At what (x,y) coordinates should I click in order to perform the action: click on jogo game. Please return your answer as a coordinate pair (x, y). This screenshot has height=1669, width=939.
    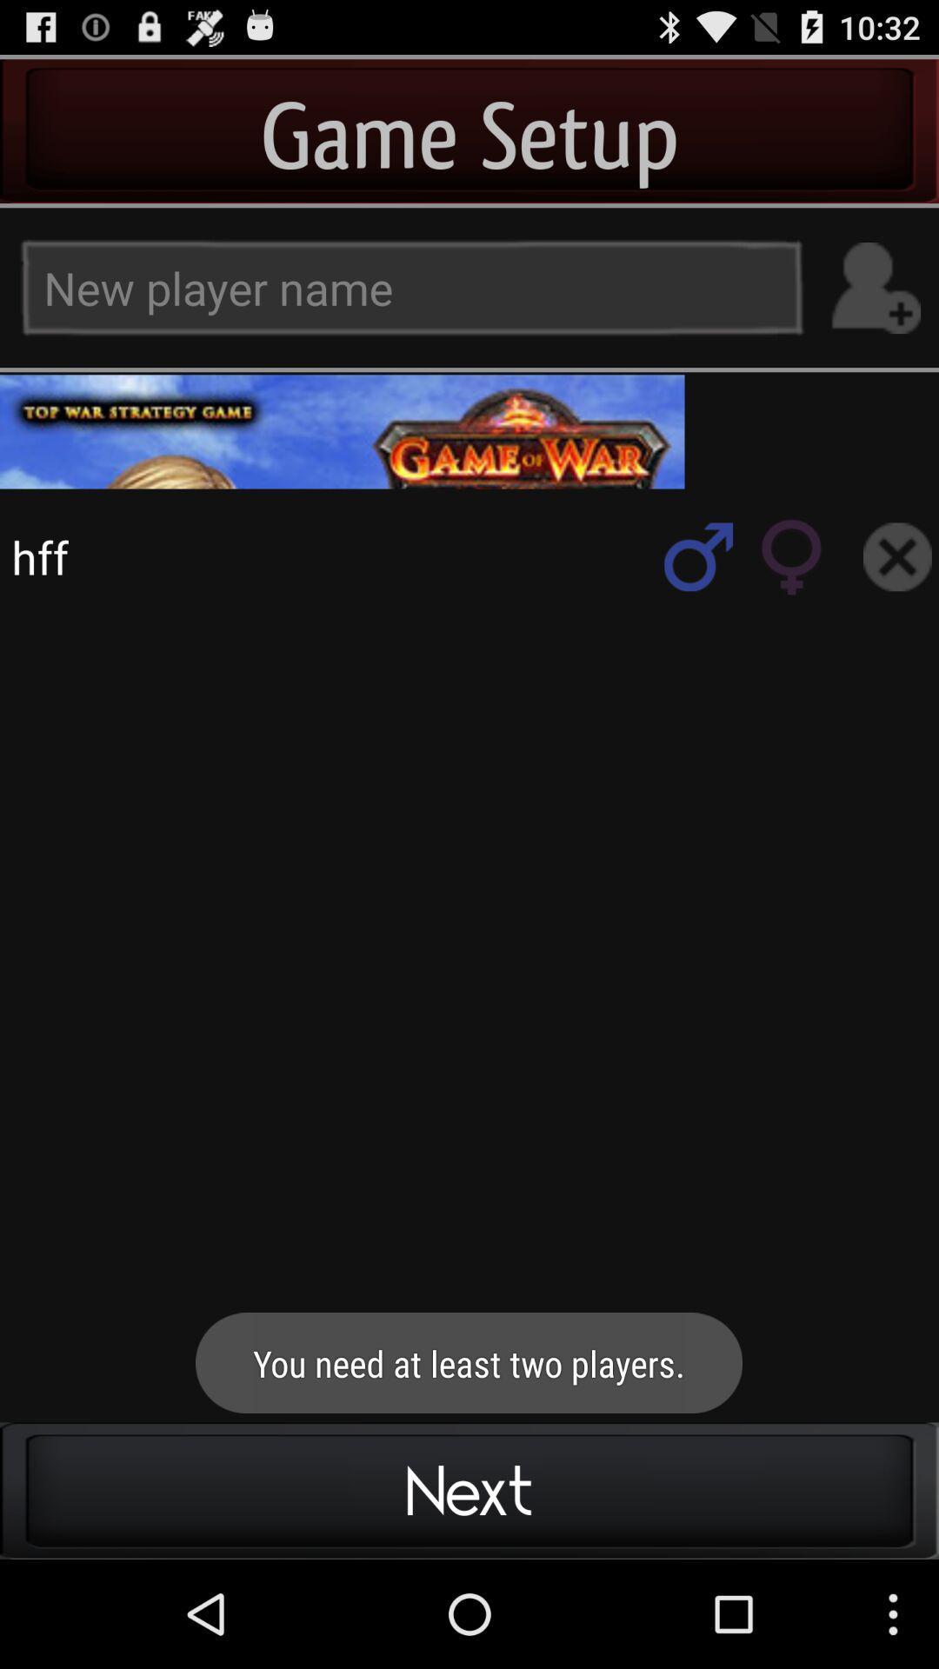
    Looking at the image, I should click on (897, 556).